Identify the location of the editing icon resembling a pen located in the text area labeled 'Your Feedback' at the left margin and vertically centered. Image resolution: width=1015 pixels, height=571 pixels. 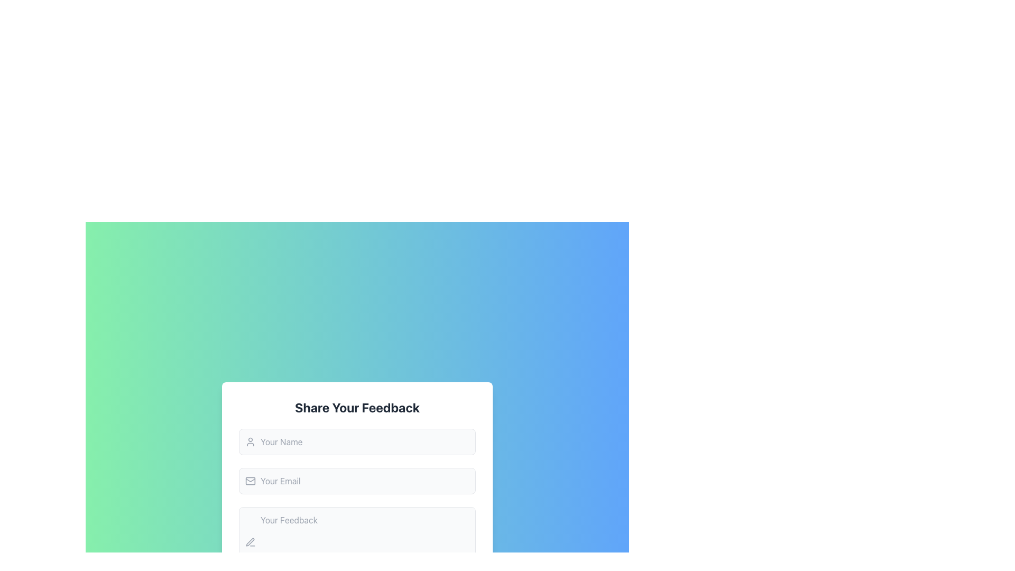
(250, 542).